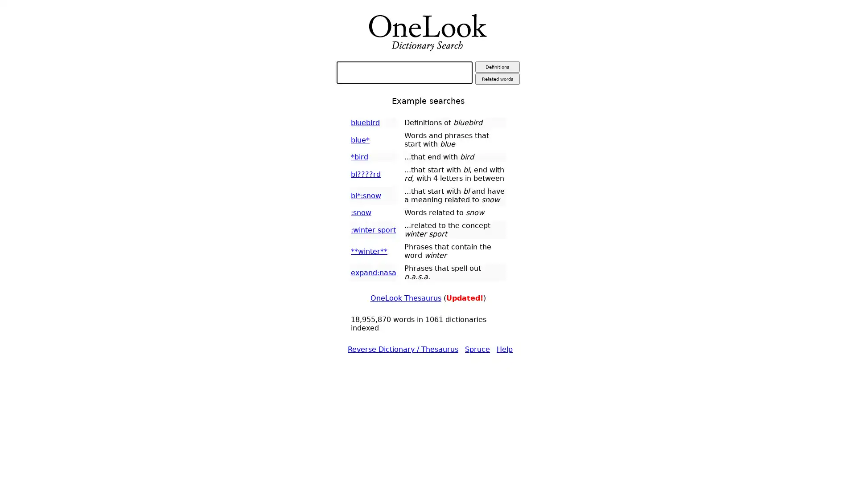 The height and width of the screenshot is (481, 856). Describe the element at coordinates (496, 66) in the screenshot. I see `Definitions` at that location.